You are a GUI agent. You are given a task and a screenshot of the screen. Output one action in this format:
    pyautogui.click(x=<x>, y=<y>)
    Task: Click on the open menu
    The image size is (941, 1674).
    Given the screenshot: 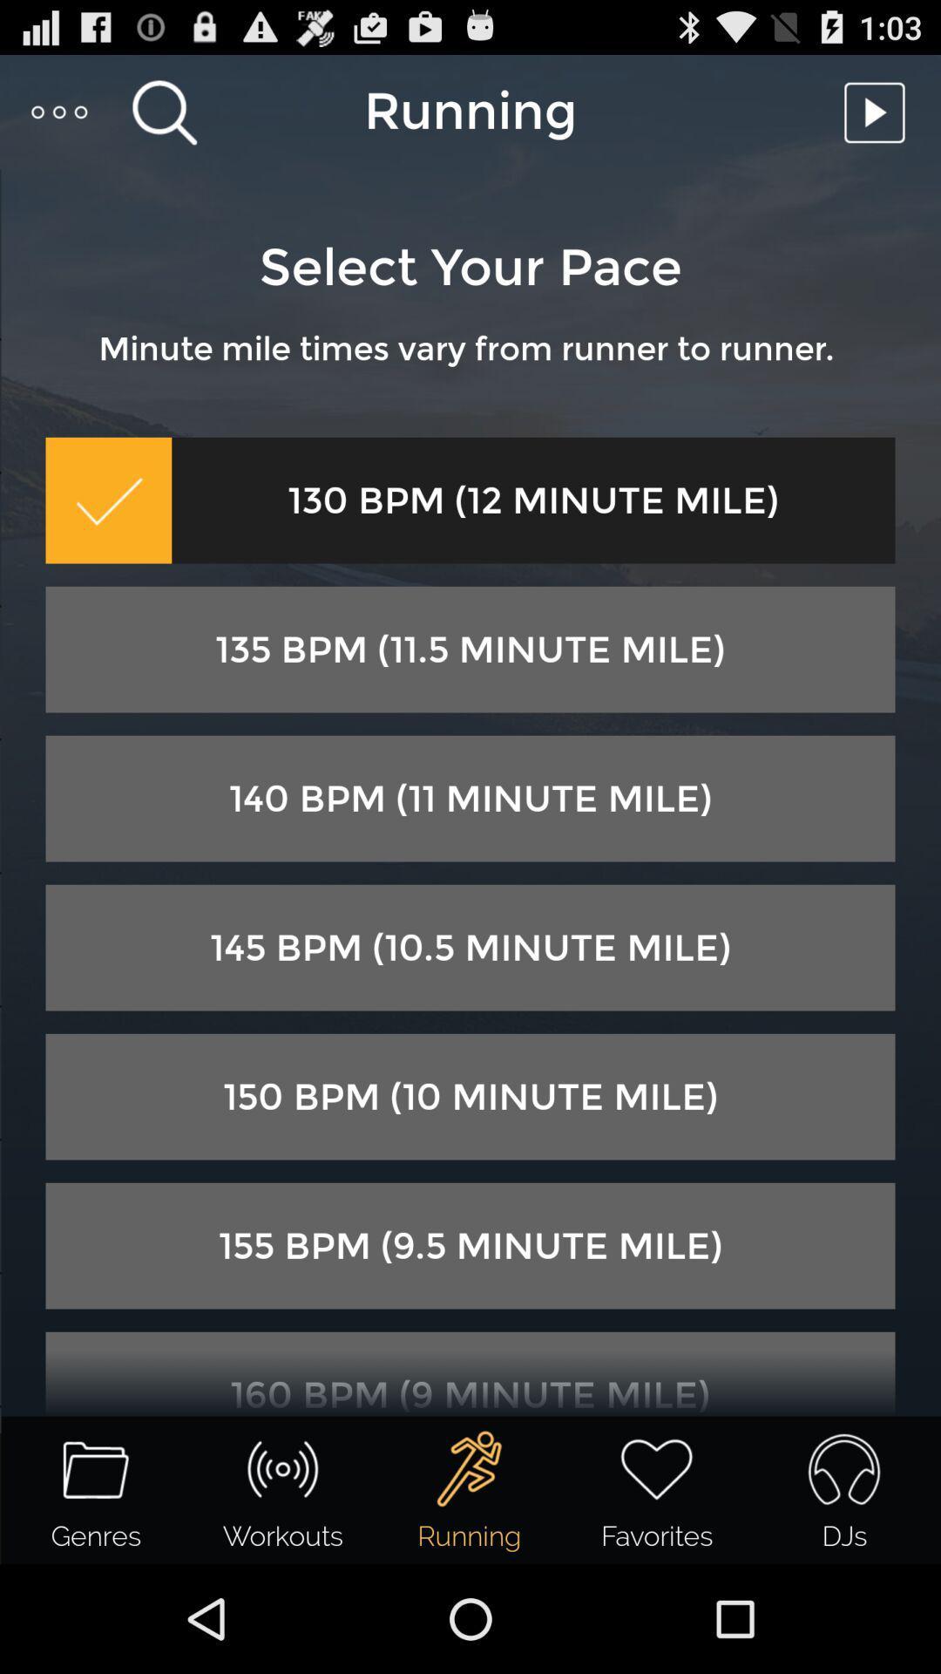 What is the action you would take?
    pyautogui.click(x=59, y=111)
    